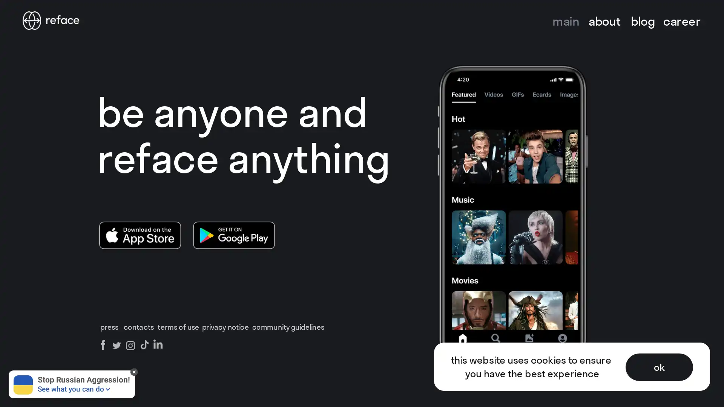 The image size is (724, 407). I want to click on Close, so click(710, 14).